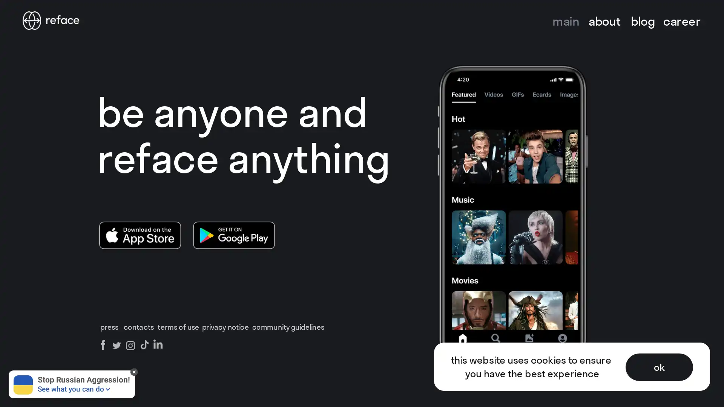 The image size is (724, 407). I want to click on Close, so click(710, 14).